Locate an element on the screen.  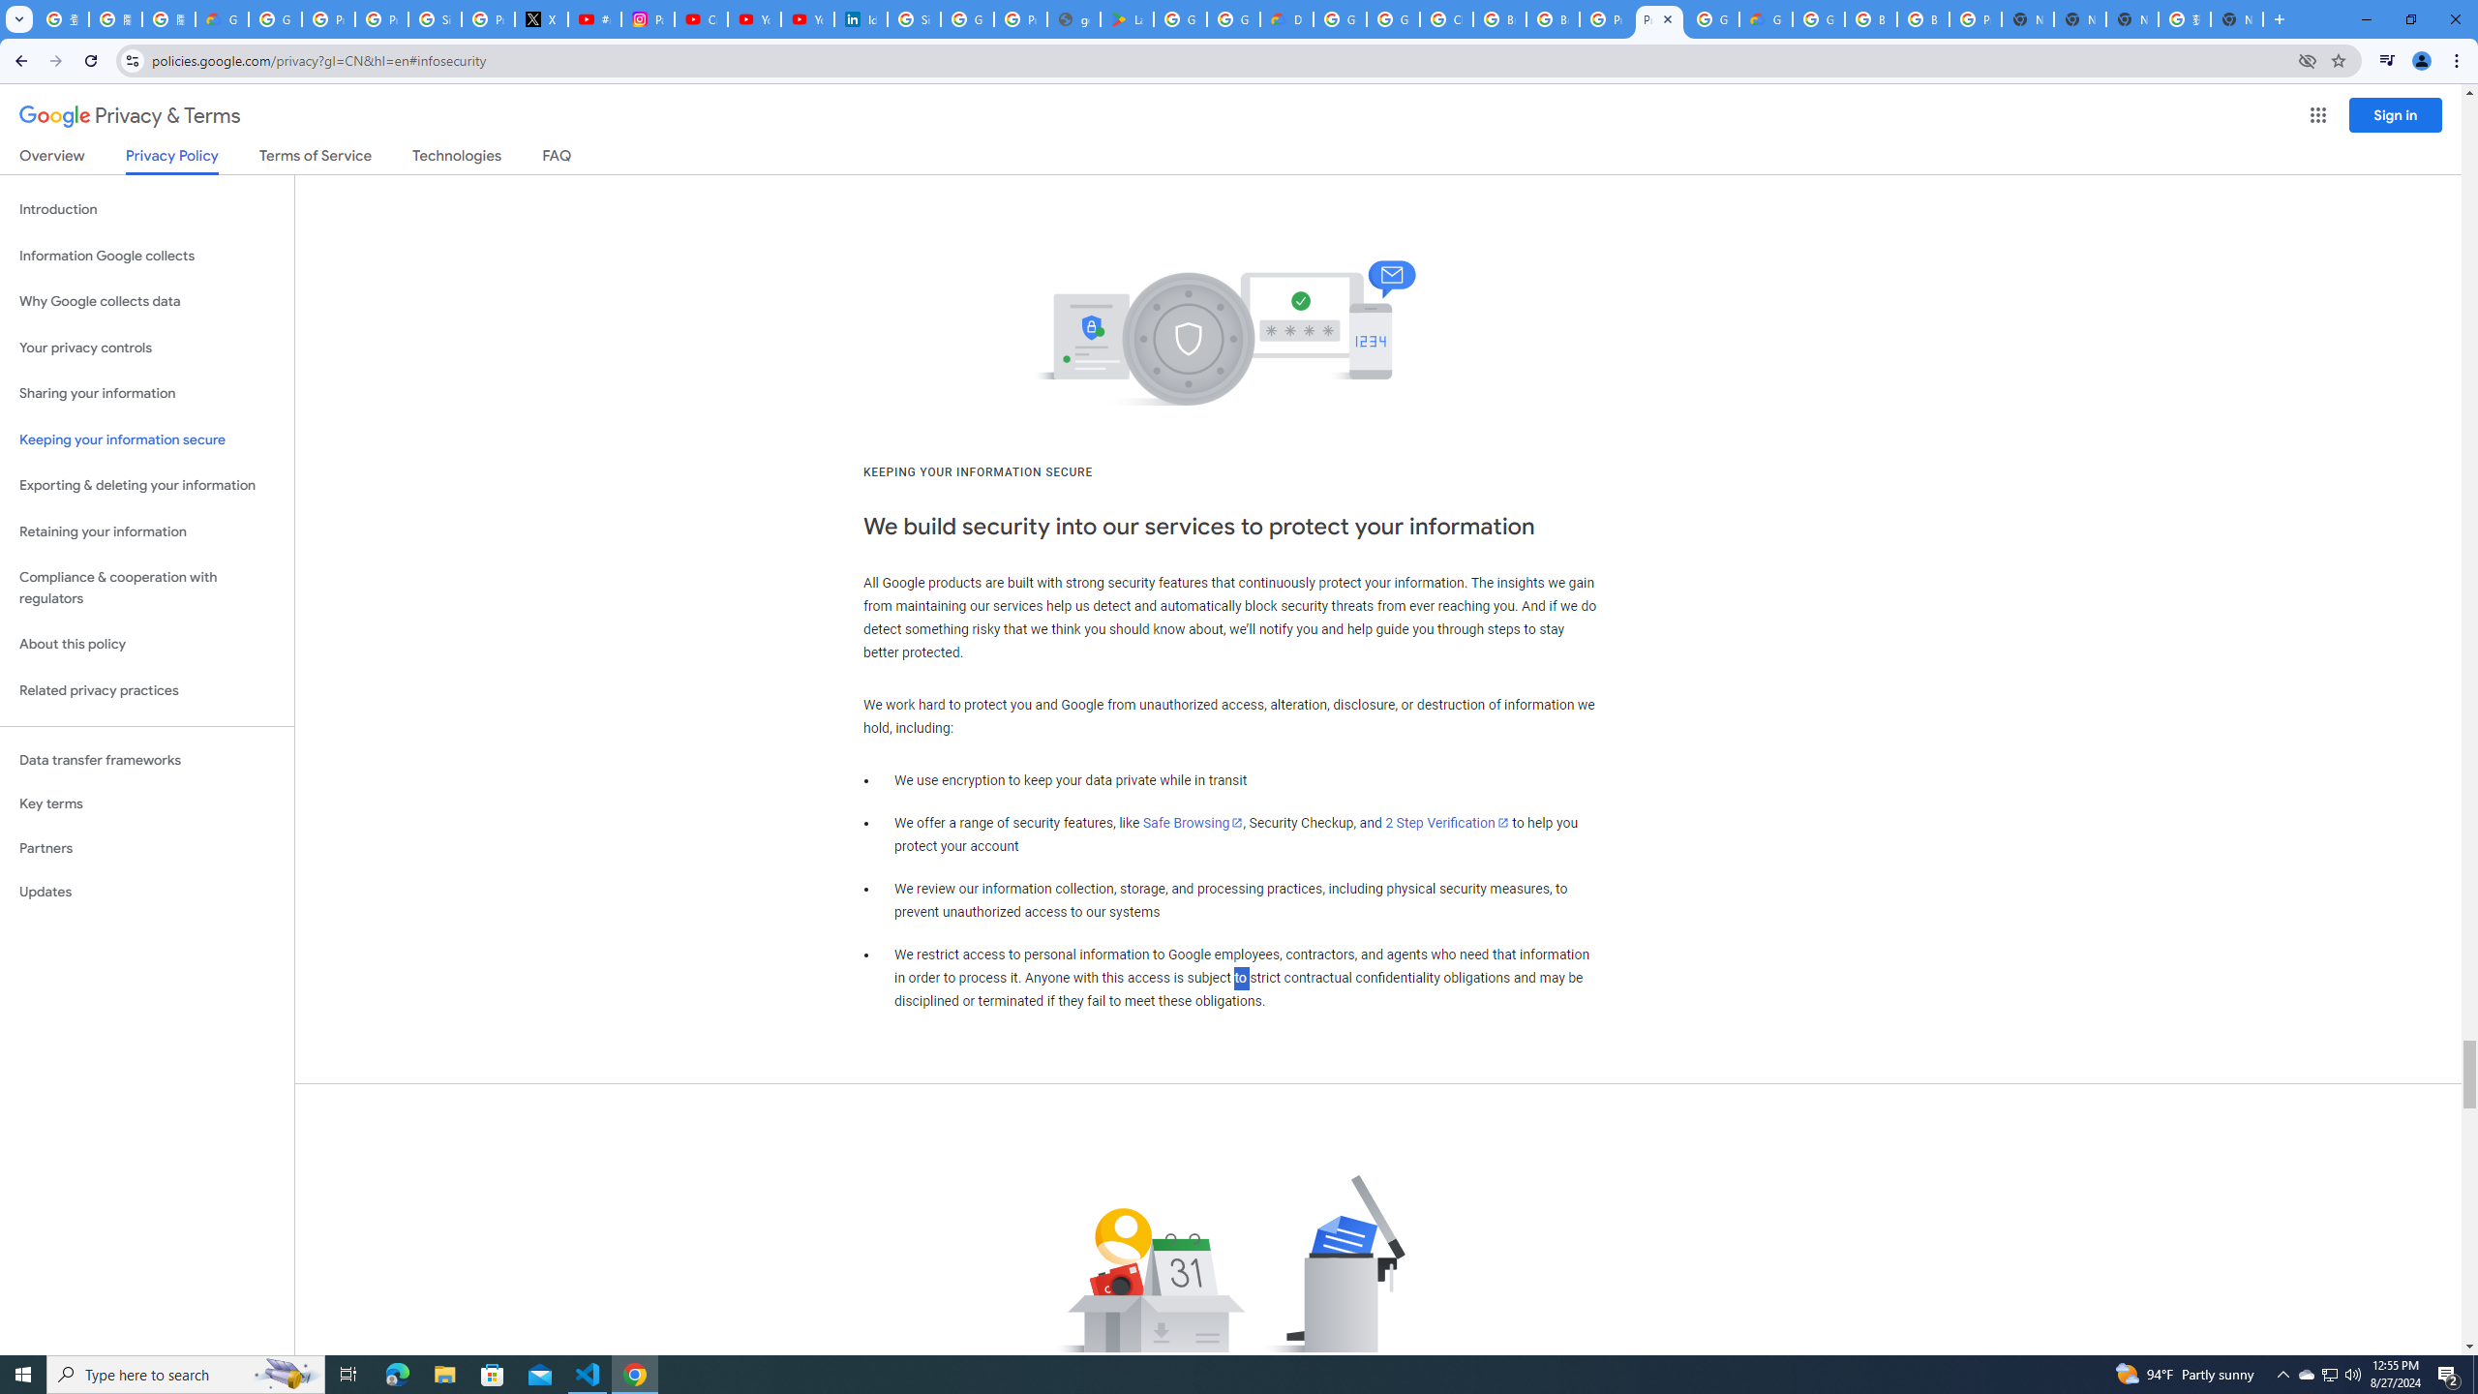
'Control your music, videos, and more' is located at coordinates (2387, 60).